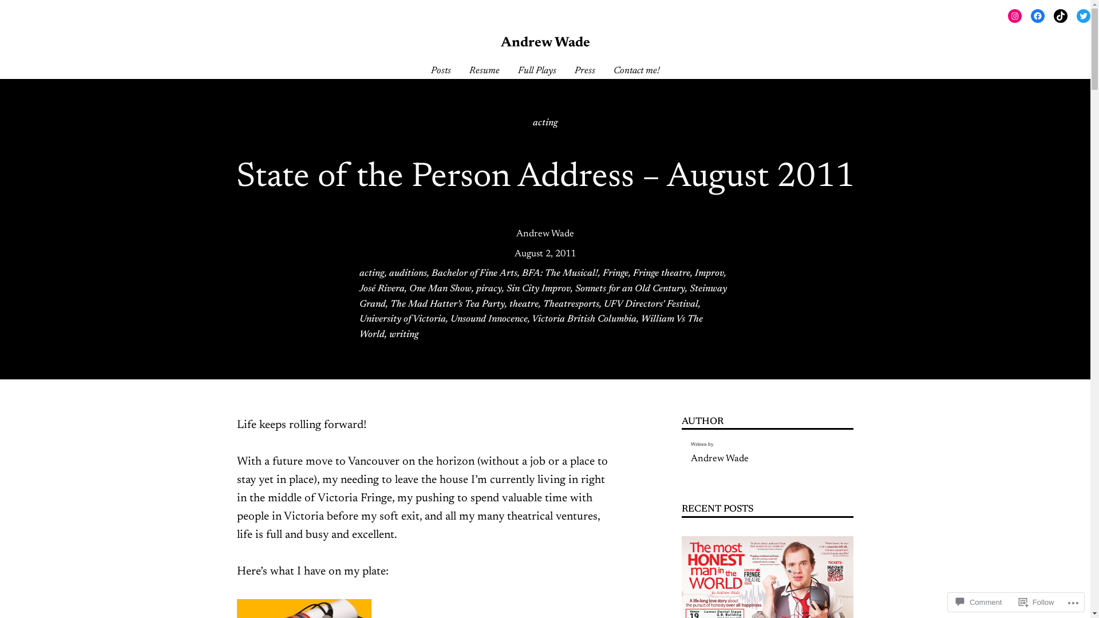  Describe the element at coordinates (371, 274) in the screenshot. I see `'acting'` at that location.